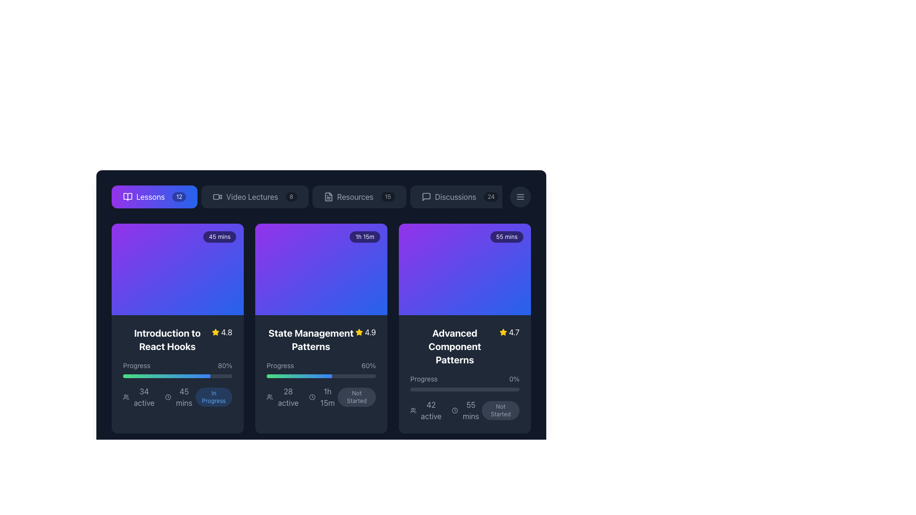 Image resolution: width=916 pixels, height=515 pixels. Describe the element at coordinates (465, 346) in the screenshot. I see `the informative text element displaying 'Advanced Component Patterns' with a yellow star icon and rating '4.7', located at the bottom of the third card in a horizontally aligned card group` at that location.